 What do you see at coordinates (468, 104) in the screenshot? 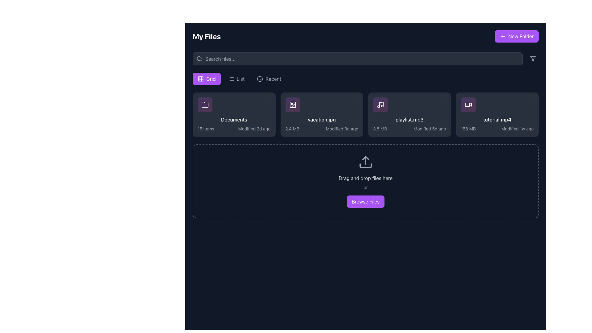
I see `the video file indicator icon located in the fourth item of the top-right grid layout` at bounding box center [468, 104].